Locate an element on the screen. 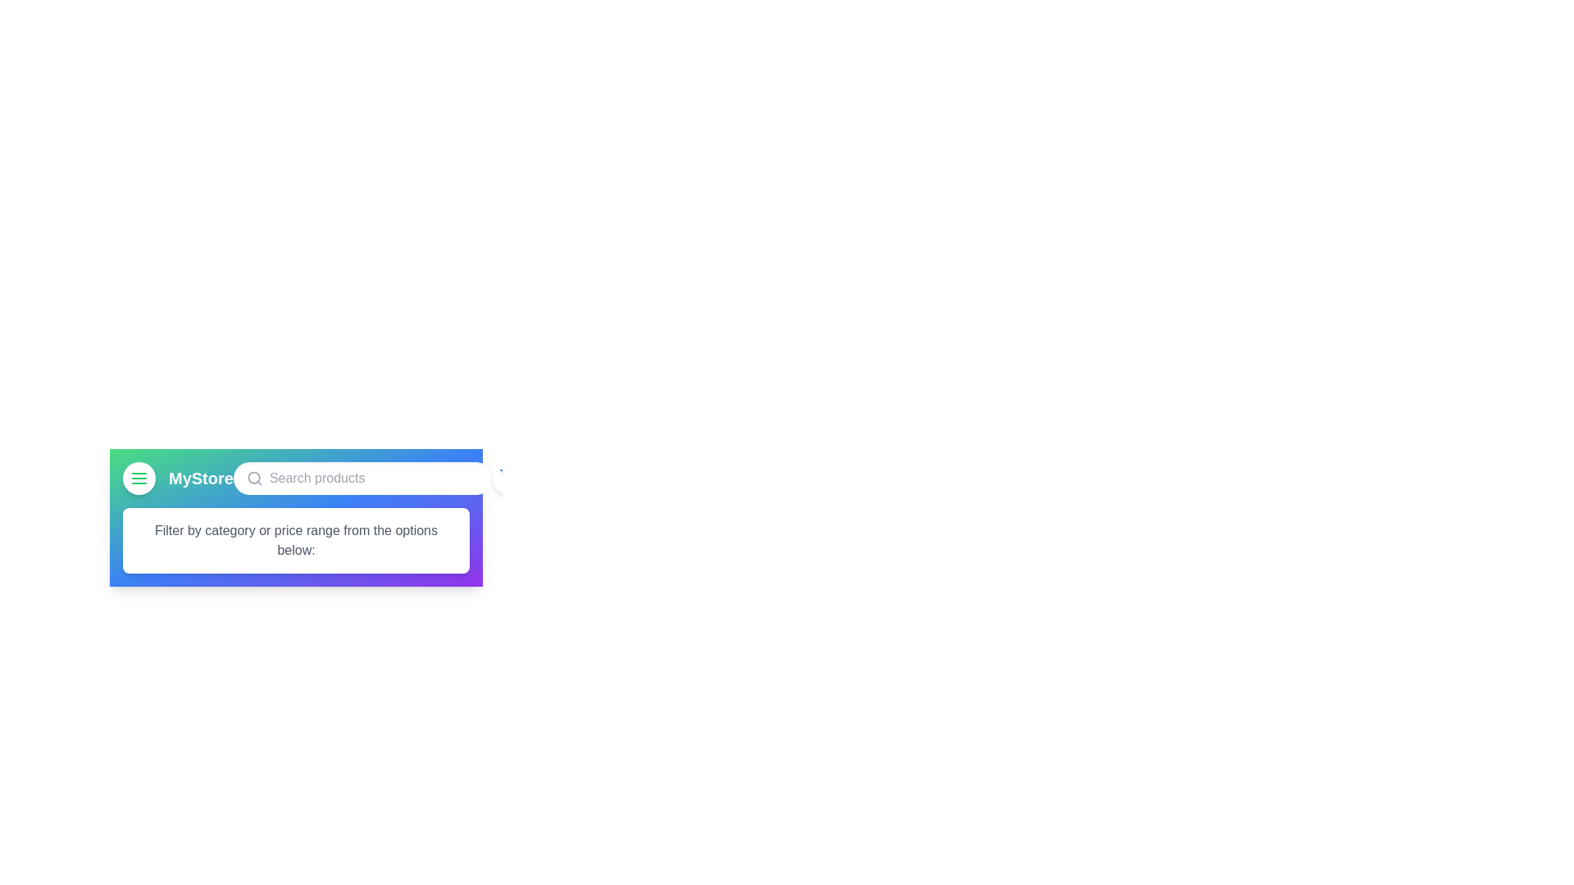 Image resolution: width=1574 pixels, height=885 pixels. the user icon to access account settings is located at coordinates (554, 478).